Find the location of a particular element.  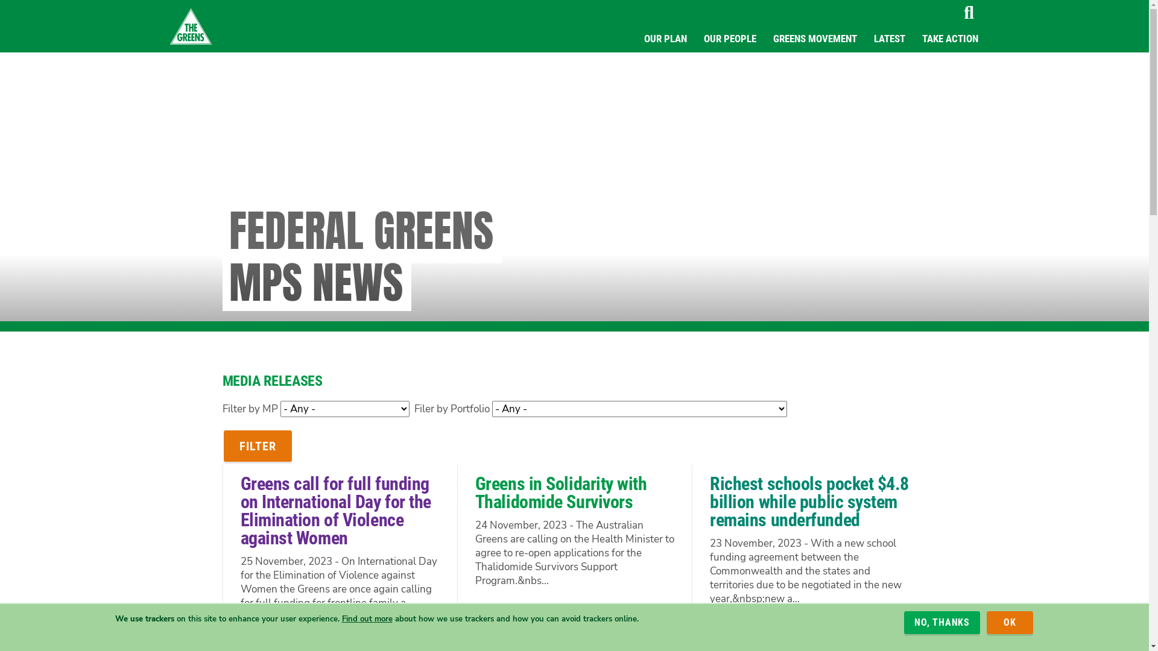

'OK' is located at coordinates (1010, 623).